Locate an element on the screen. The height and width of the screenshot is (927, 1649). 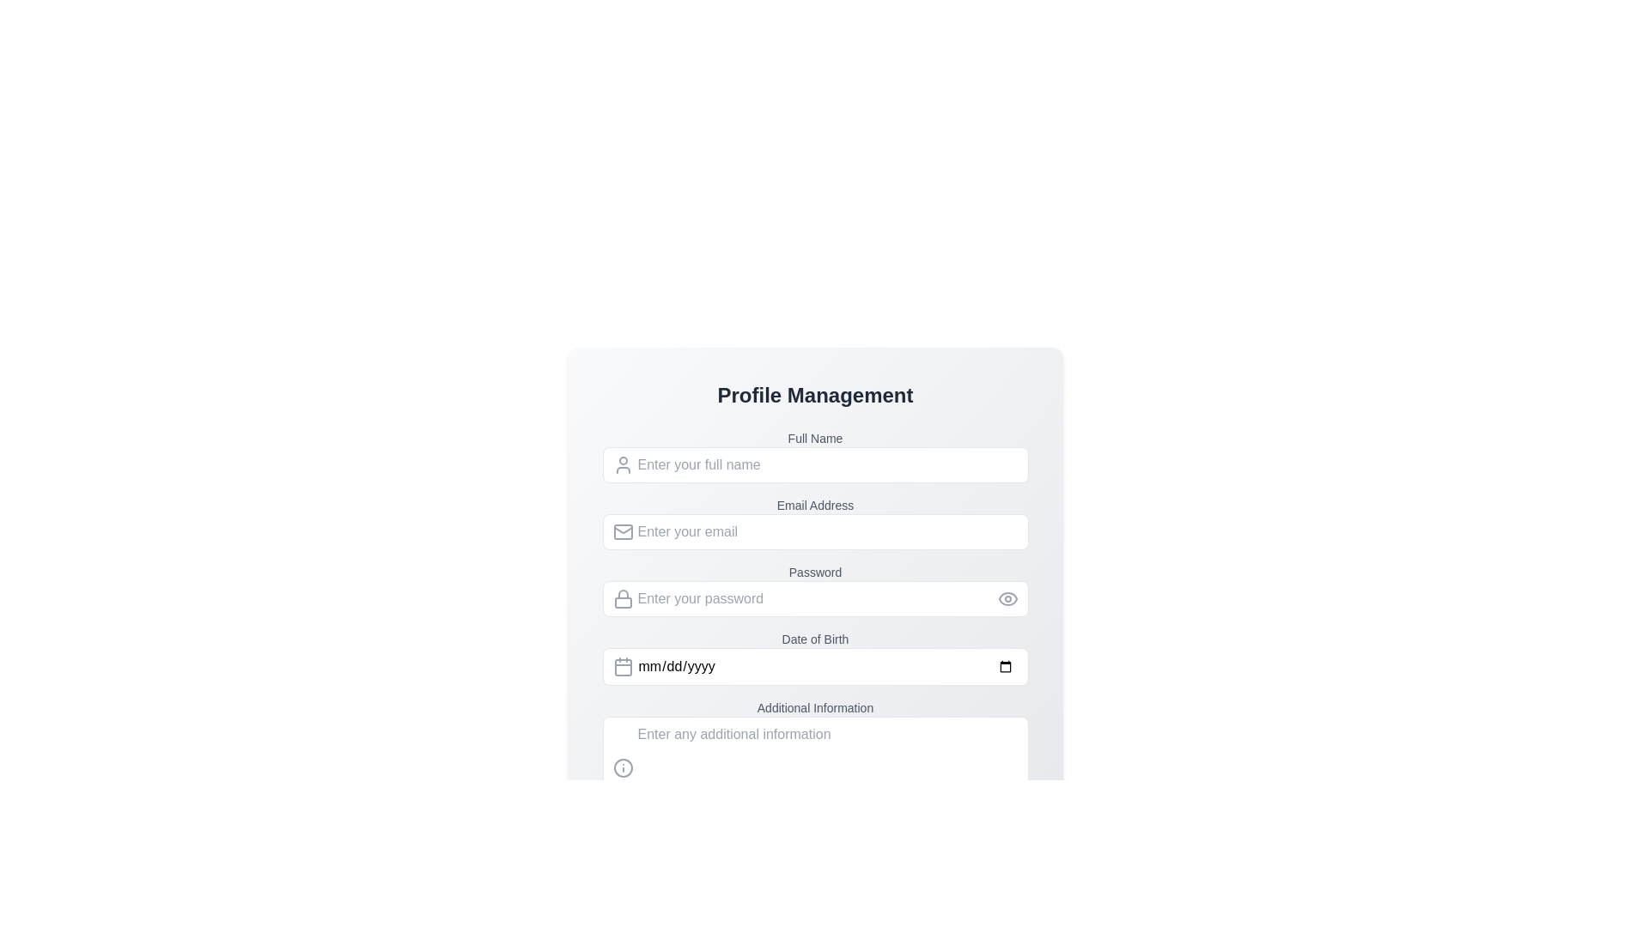
label for the input field titled 'Enter your full name' located in the 'Profile Management' section of the form to understand the expected input is located at coordinates (814, 437).